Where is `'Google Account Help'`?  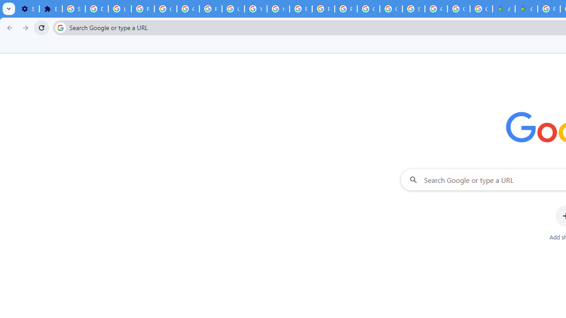
'Google Account Help' is located at coordinates (166, 9).